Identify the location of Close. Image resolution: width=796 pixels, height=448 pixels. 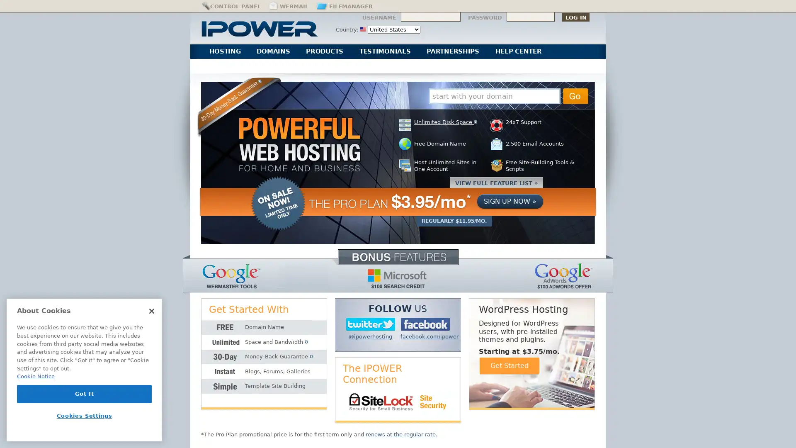
(151, 311).